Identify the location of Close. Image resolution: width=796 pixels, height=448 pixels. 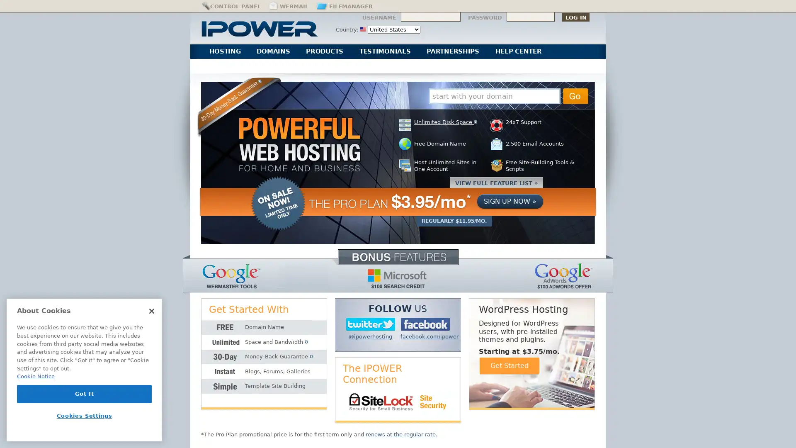
(151, 311).